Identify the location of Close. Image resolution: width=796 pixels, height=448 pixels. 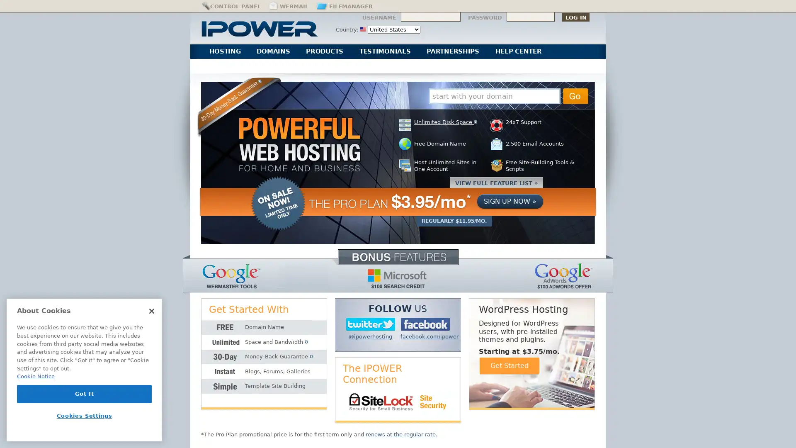
(151, 311).